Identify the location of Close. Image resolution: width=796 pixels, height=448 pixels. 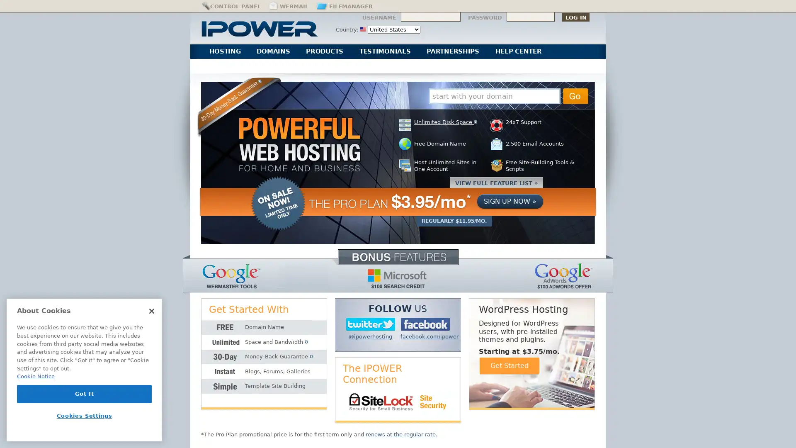
(151, 311).